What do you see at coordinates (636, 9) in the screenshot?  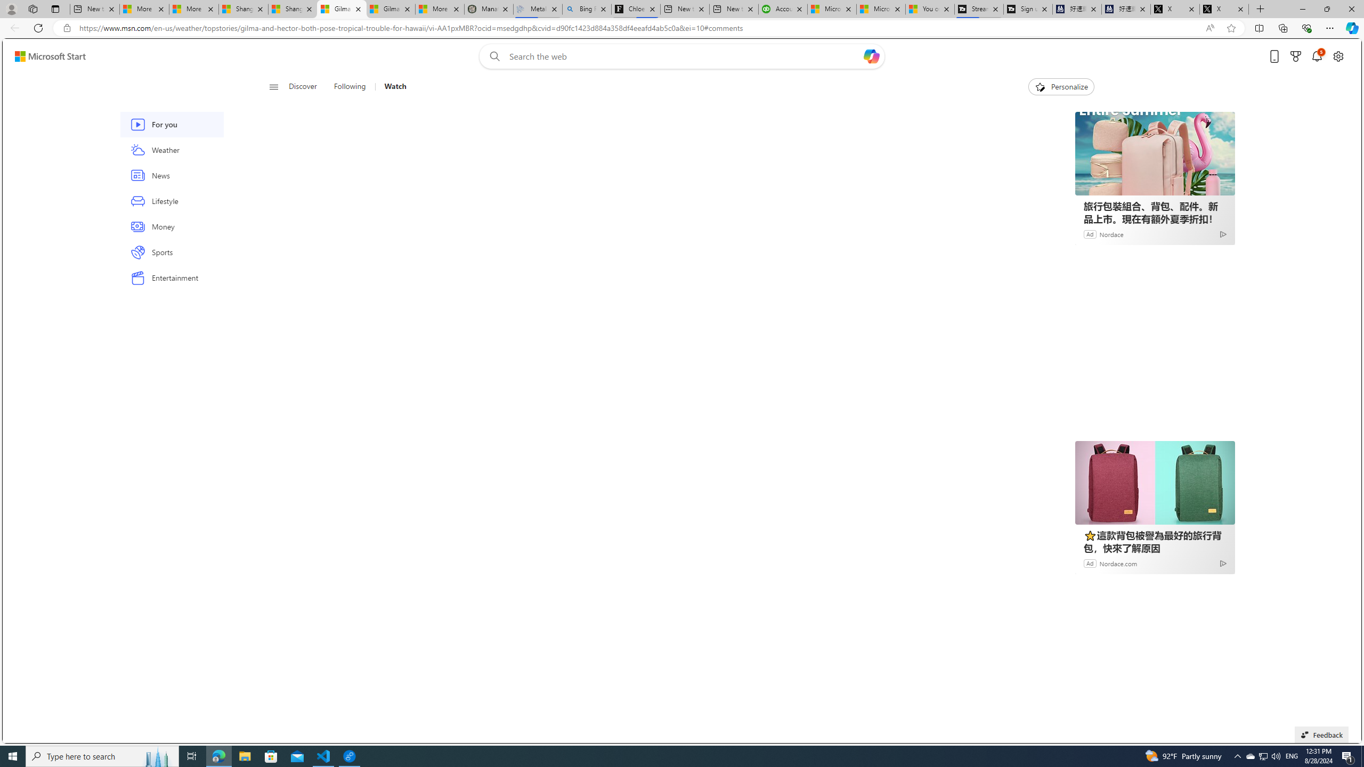 I see `'Chloe Sorvino'` at bounding box center [636, 9].